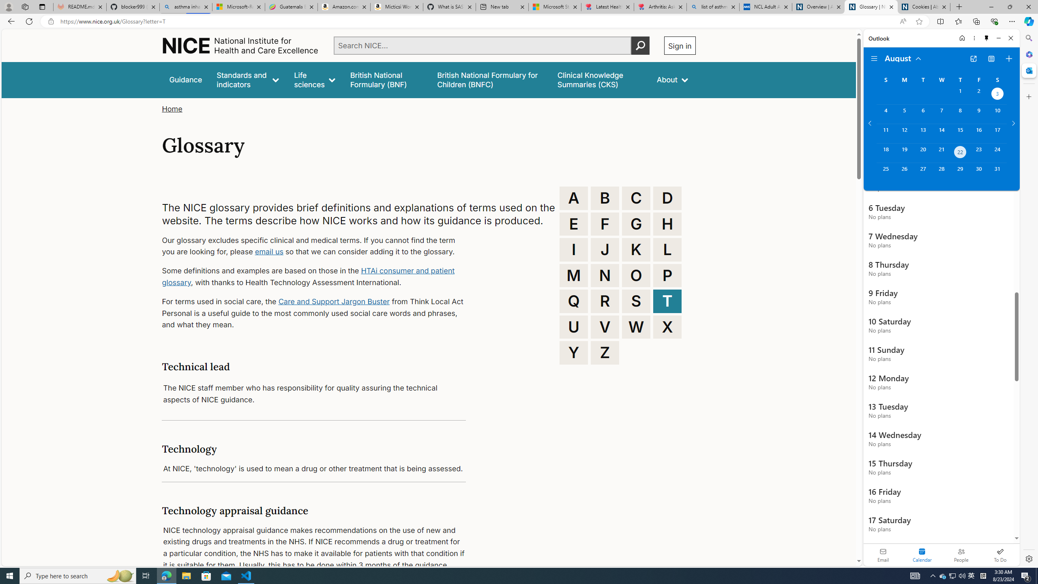  Describe the element at coordinates (924, 6) in the screenshot. I see `'Cookies | About | NICE'` at that location.